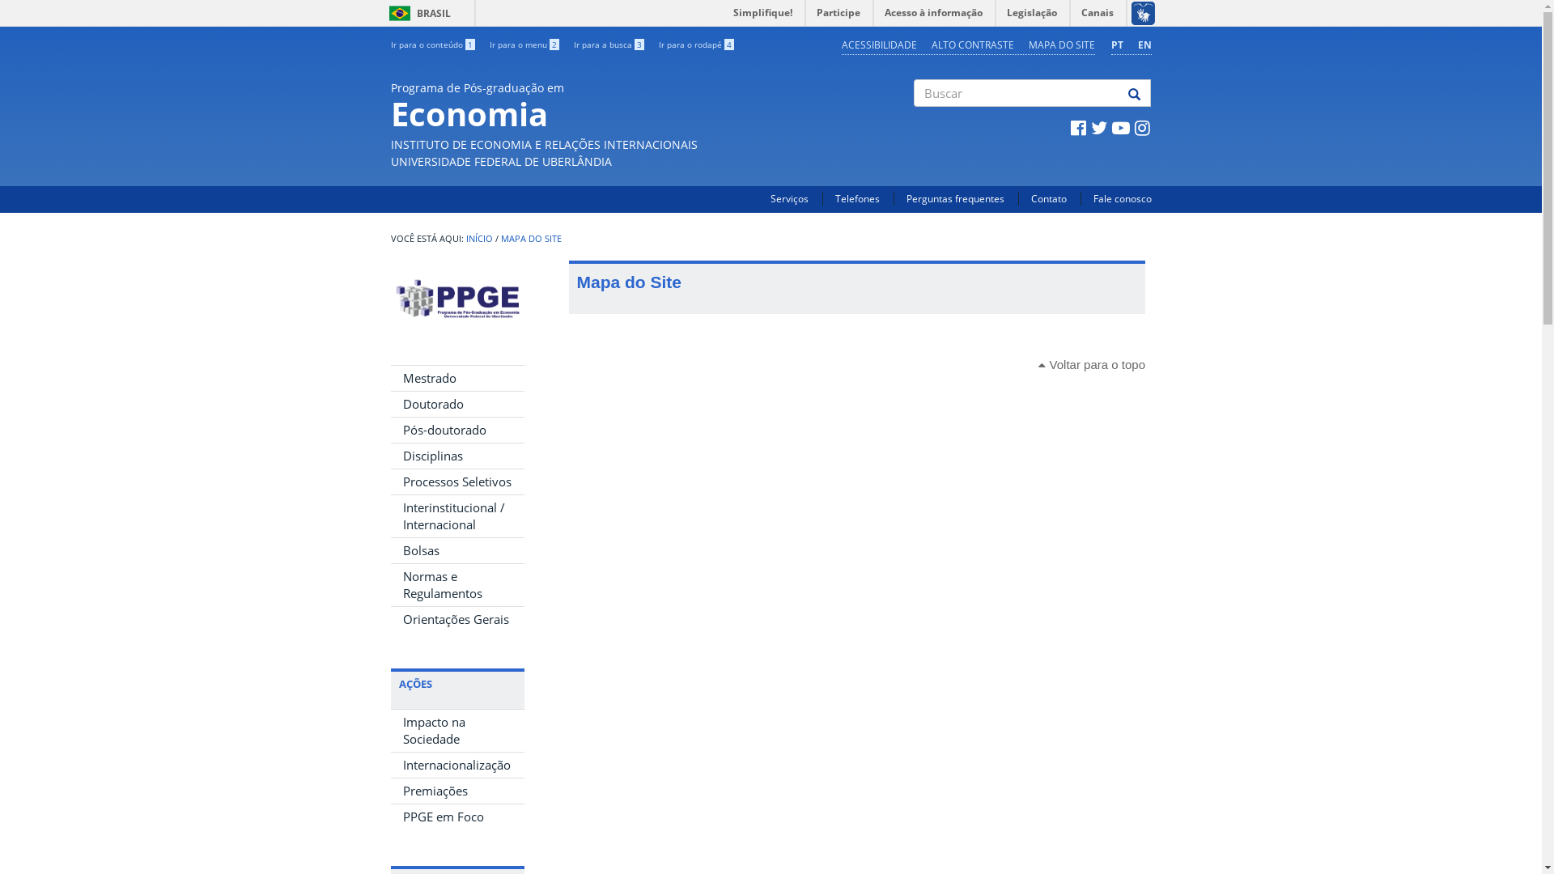  What do you see at coordinates (835, 197) in the screenshot?
I see `'Telefones'` at bounding box center [835, 197].